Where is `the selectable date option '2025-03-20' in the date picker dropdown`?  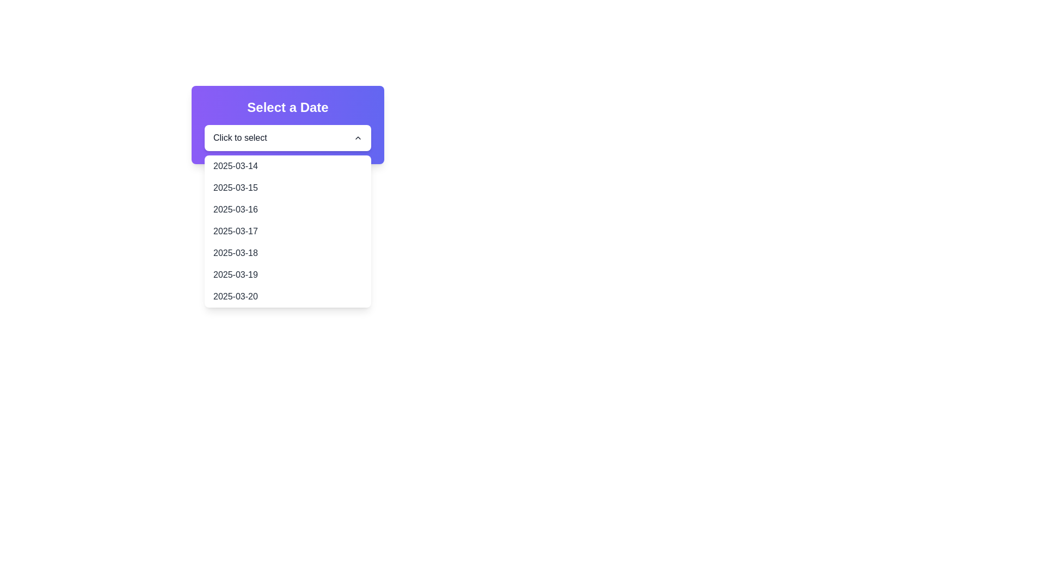
the selectable date option '2025-03-20' in the date picker dropdown is located at coordinates (287, 297).